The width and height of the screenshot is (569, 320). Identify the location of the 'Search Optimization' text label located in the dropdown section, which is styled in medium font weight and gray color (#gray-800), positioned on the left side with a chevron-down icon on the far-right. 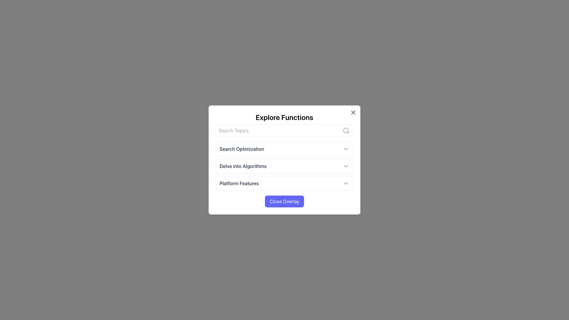
(242, 148).